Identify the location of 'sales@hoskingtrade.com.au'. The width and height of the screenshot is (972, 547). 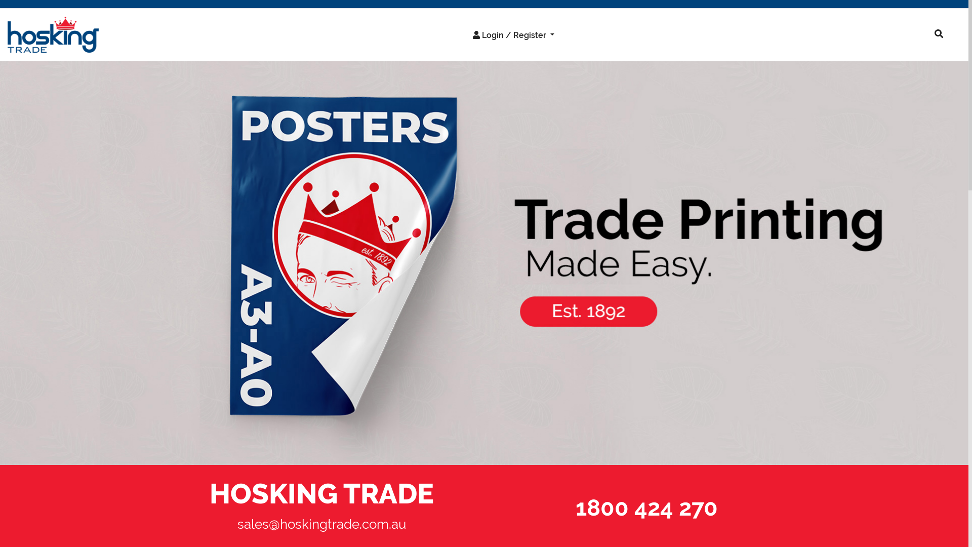
(321, 524).